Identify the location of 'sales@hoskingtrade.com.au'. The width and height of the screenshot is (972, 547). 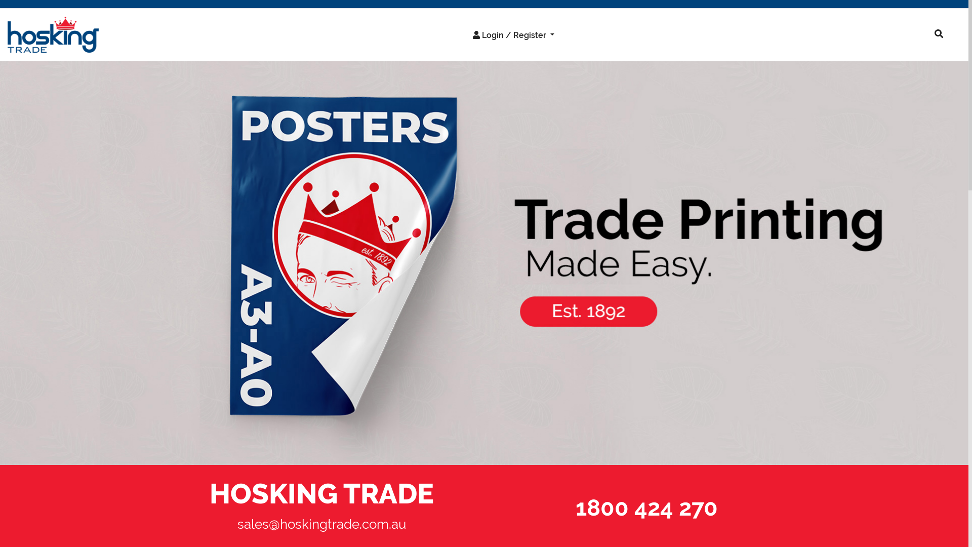
(321, 524).